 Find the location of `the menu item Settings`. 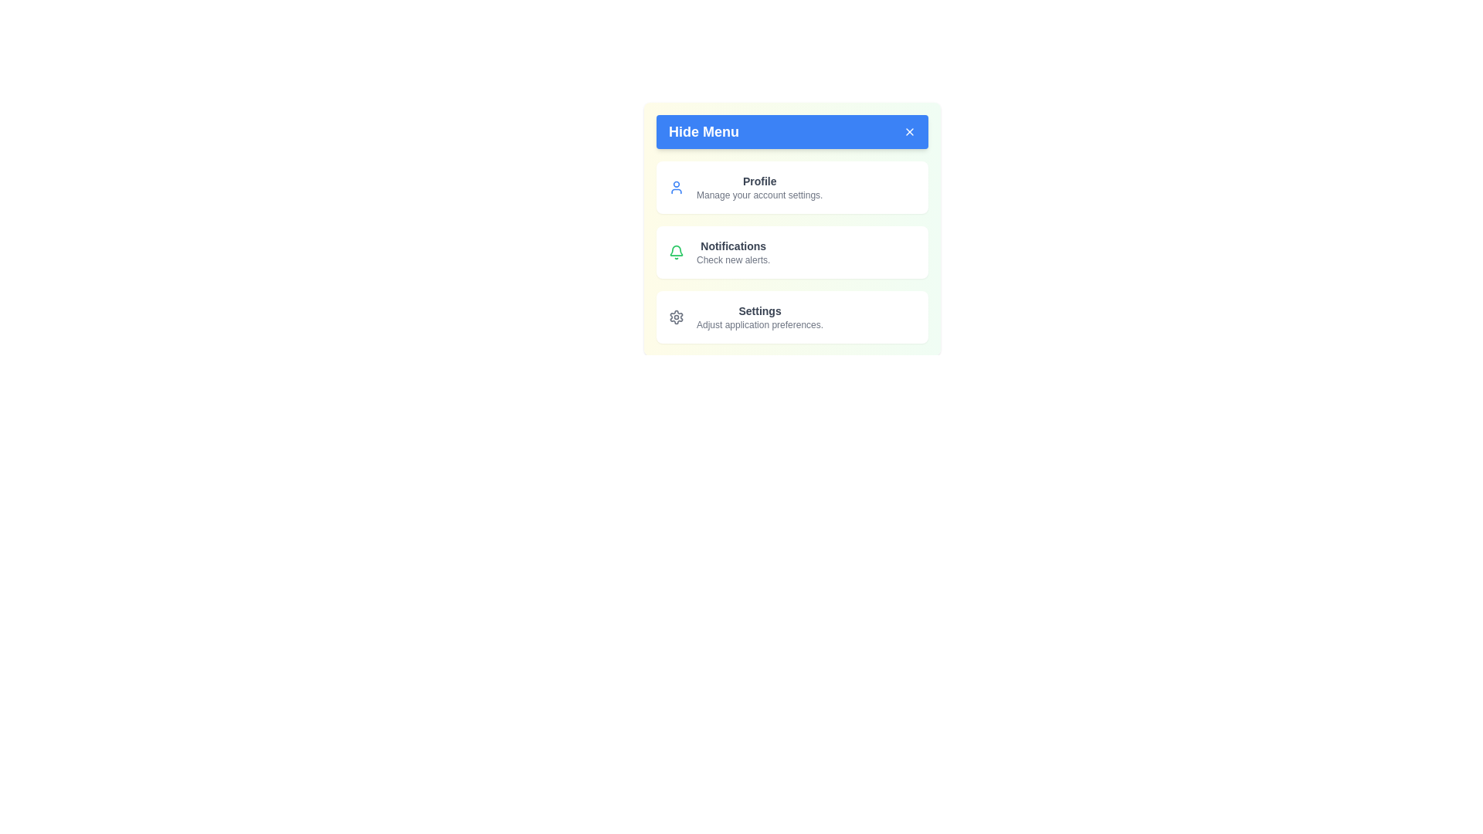

the menu item Settings is located at coordinates (792, 317).